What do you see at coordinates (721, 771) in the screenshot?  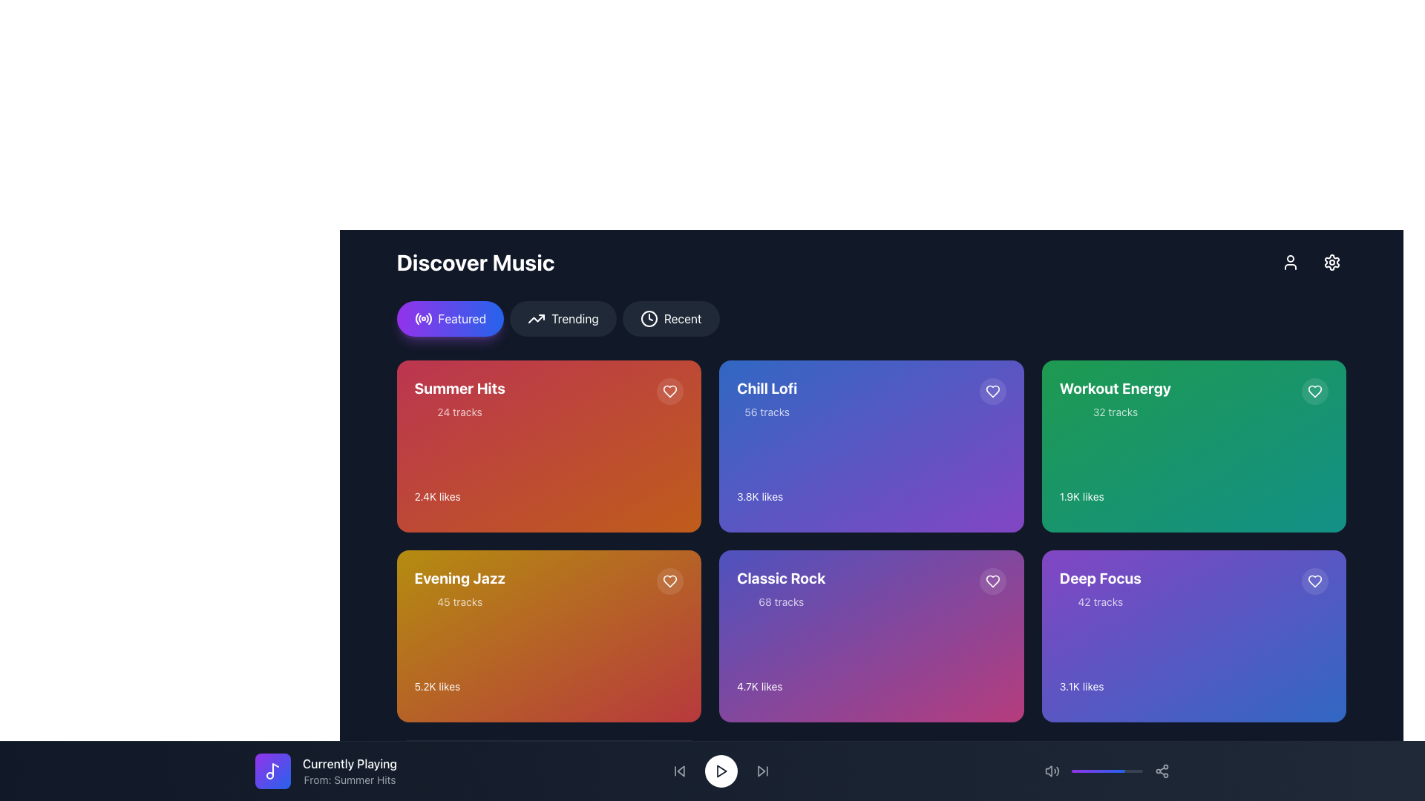 I see `the triangular play icon button` at bounding box center [721, 771].